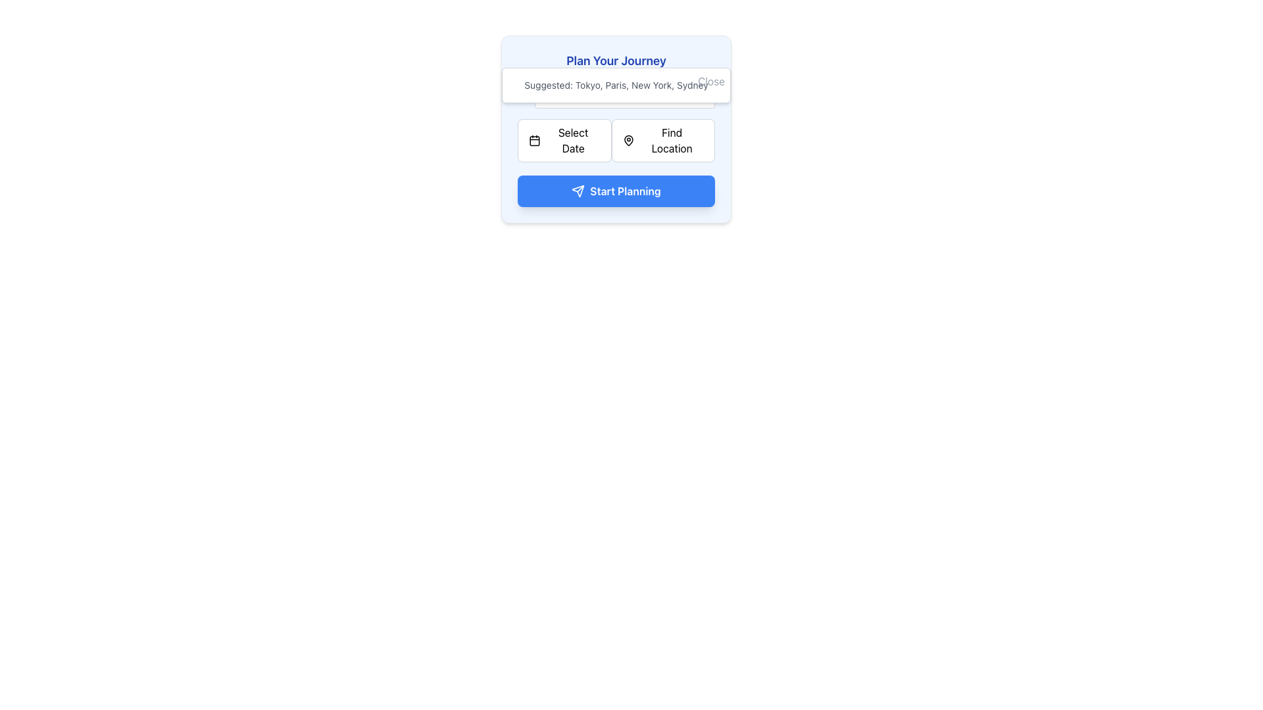 This screenshot has height=710, width=1263. I want to click on the stylized map pin icon located to the left of the 'Find Location' text label within the button, so click(628, 140).